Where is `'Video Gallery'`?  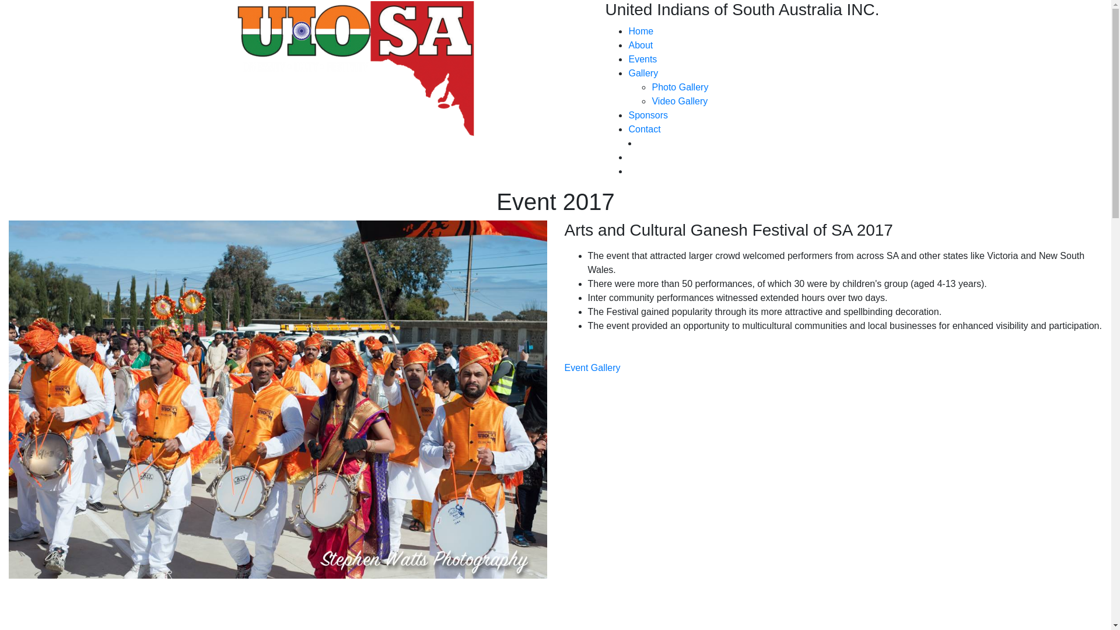
'Video Gallery' is located at coordinates (680, 100).